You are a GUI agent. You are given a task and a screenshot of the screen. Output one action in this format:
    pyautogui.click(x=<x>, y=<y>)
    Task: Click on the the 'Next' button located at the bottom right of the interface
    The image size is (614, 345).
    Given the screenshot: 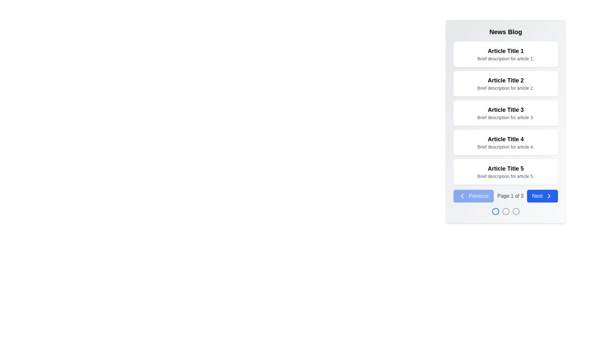 What is the action you would take?
    pyautogui.click(x=542, y=195)
    